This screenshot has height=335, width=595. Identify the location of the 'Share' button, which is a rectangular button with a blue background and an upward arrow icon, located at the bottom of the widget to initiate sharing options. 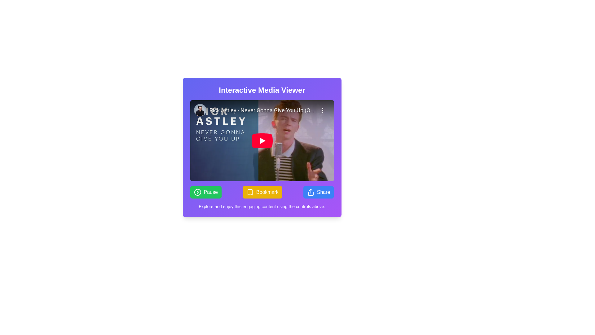
(319, 192).